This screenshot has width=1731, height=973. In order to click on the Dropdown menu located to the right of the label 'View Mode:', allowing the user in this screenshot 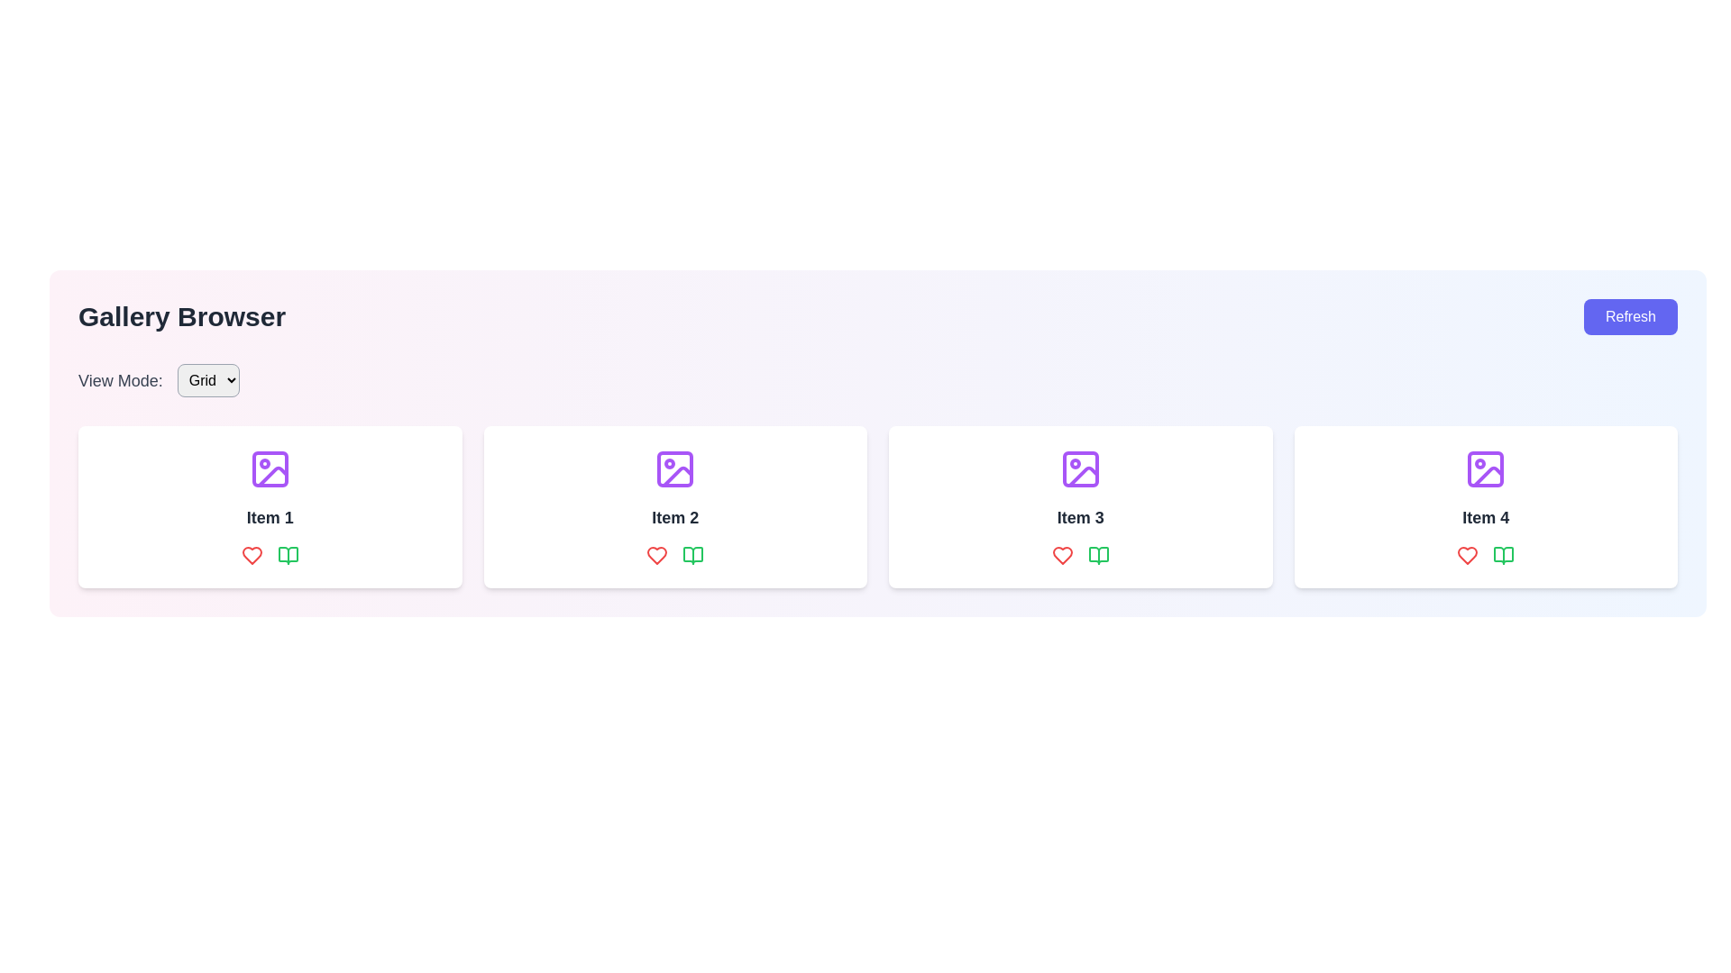, I will do `click(208, 379)`.